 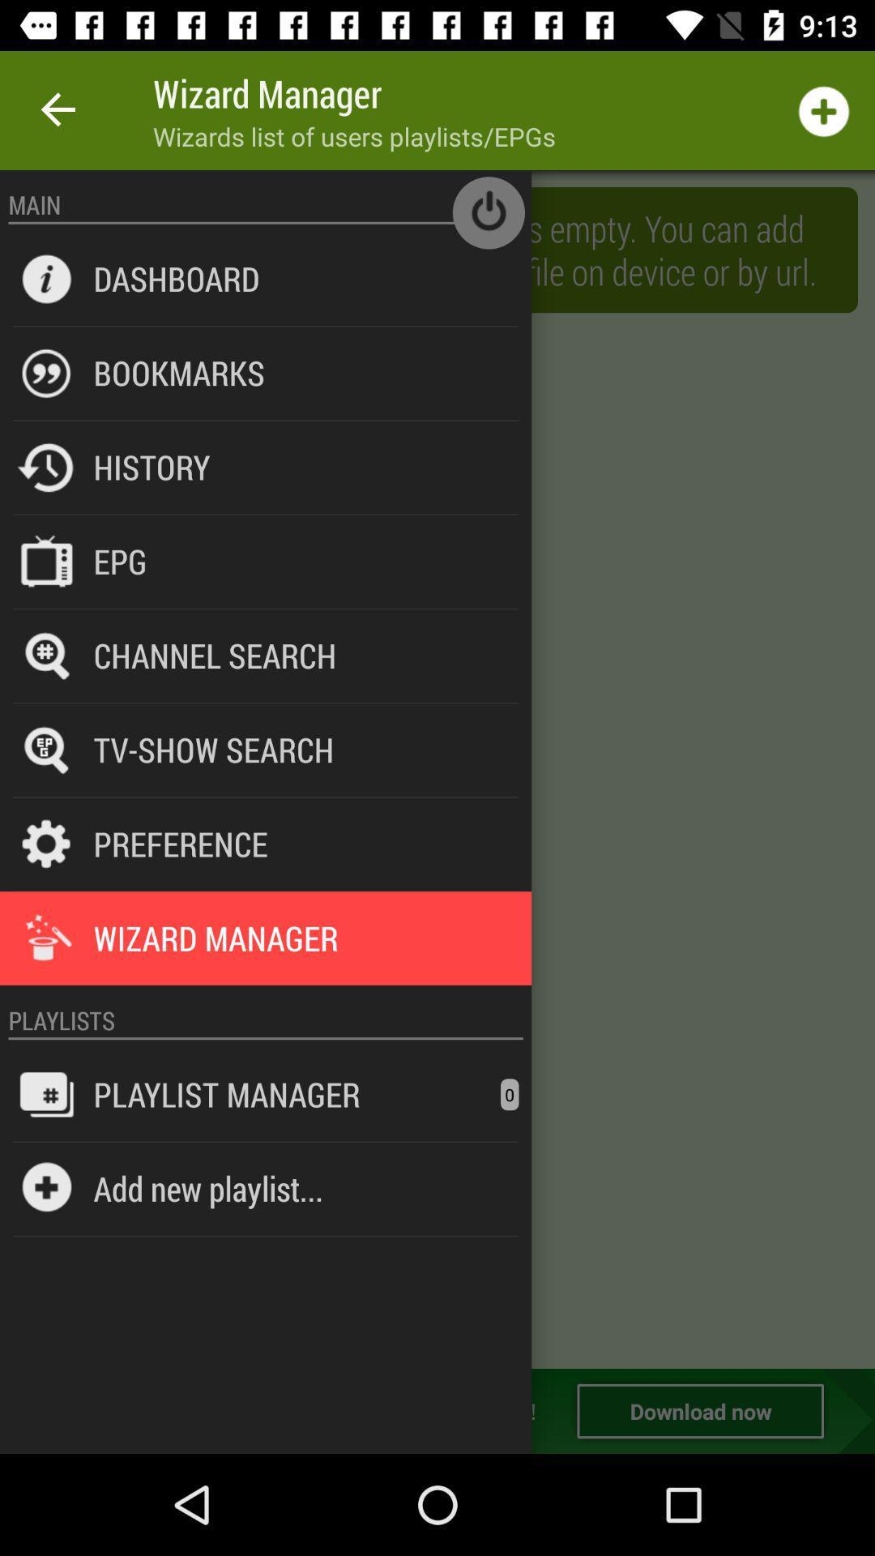 I want to click on item next to wizards list is icon, so click(x=177, y=278).